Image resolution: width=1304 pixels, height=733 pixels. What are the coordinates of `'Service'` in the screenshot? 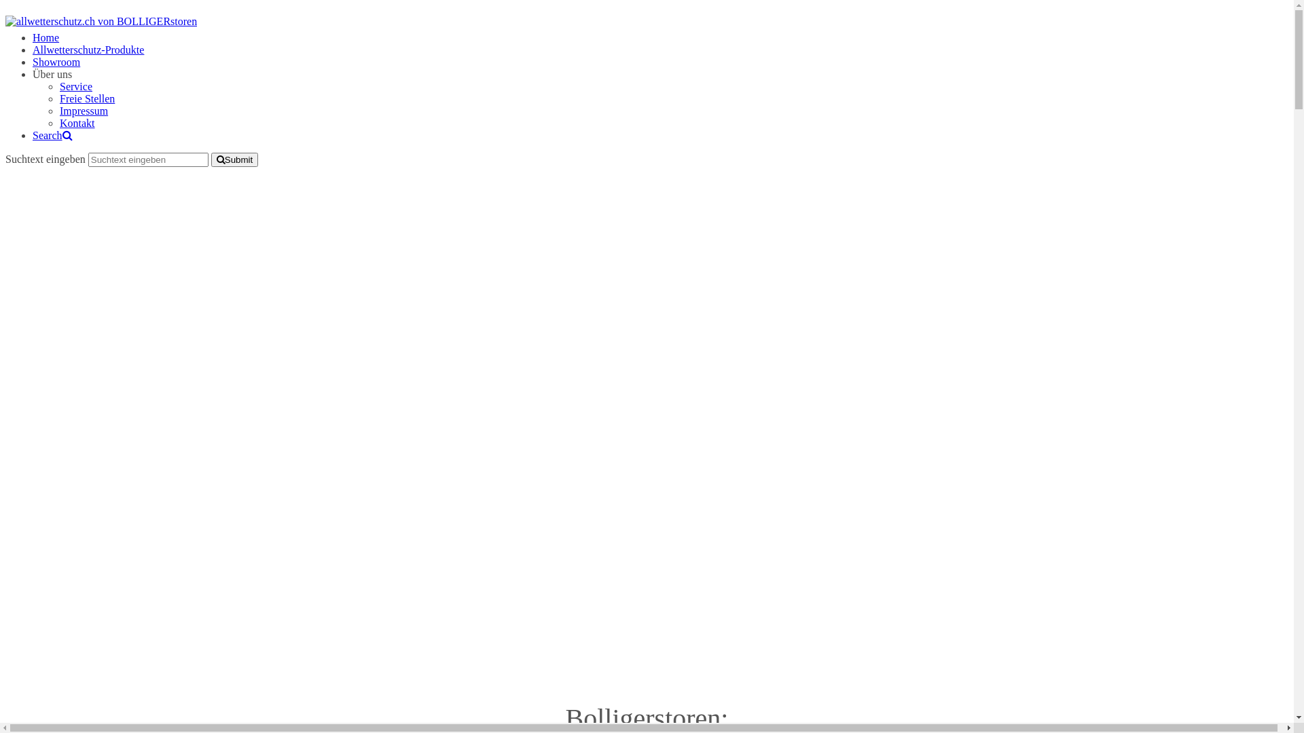 It's located at (75, 86).